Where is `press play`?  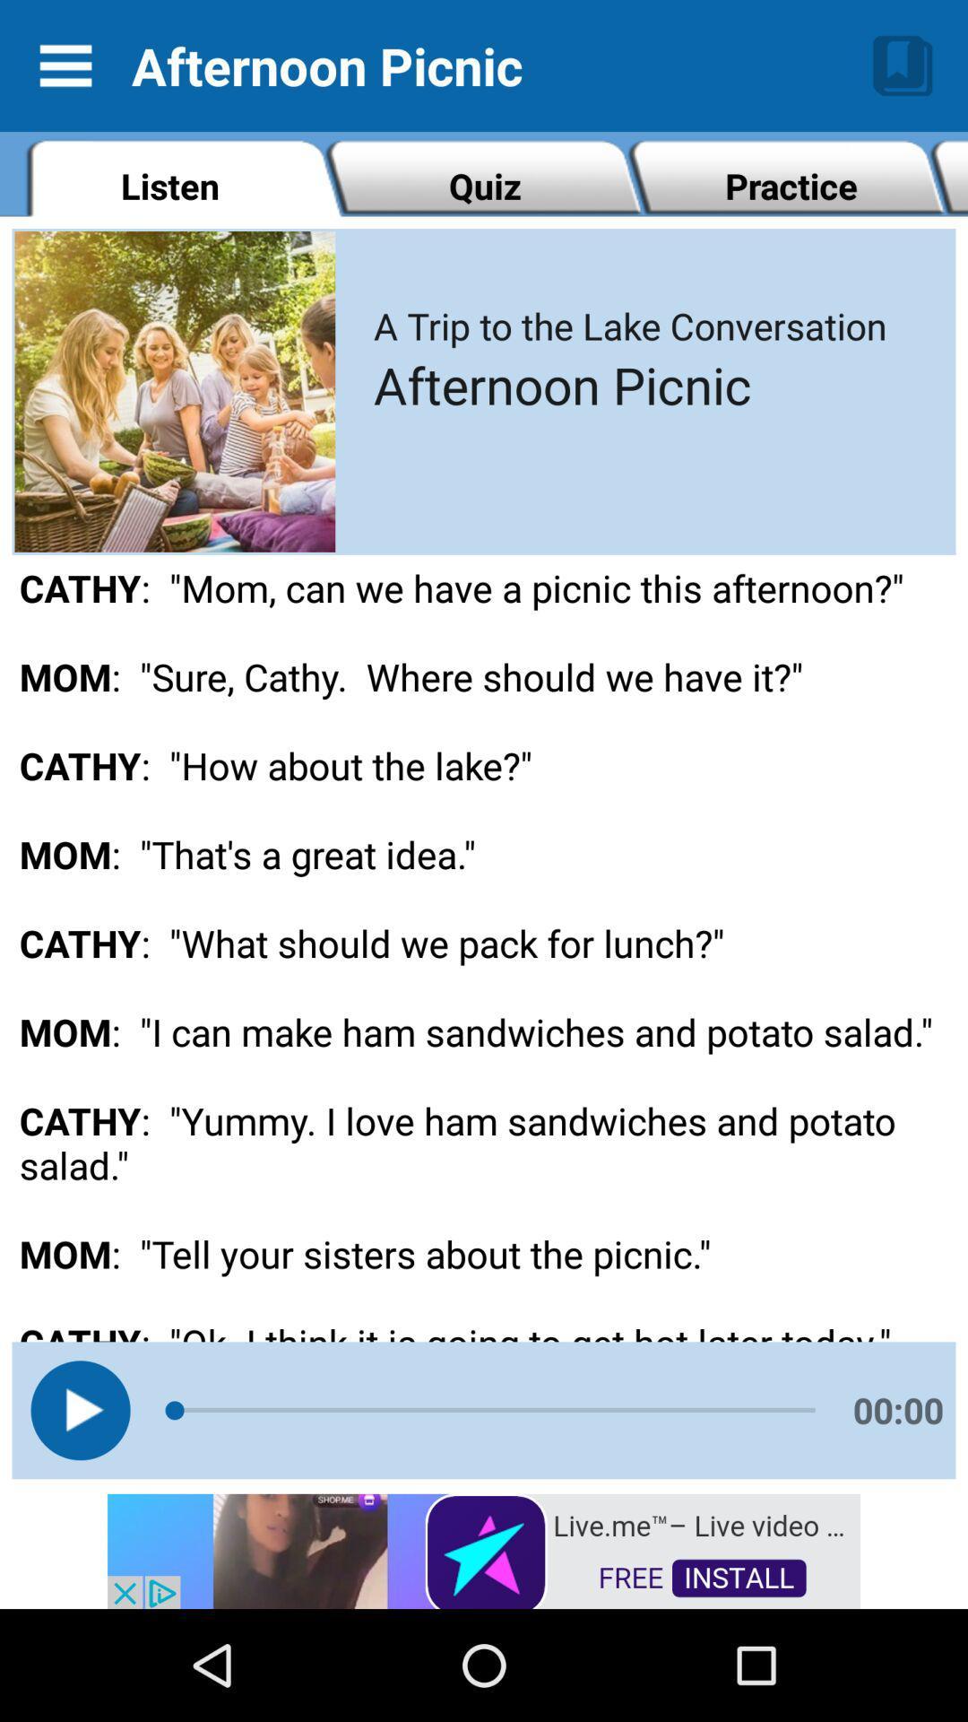
press play is located at coordinates (79, 1409).